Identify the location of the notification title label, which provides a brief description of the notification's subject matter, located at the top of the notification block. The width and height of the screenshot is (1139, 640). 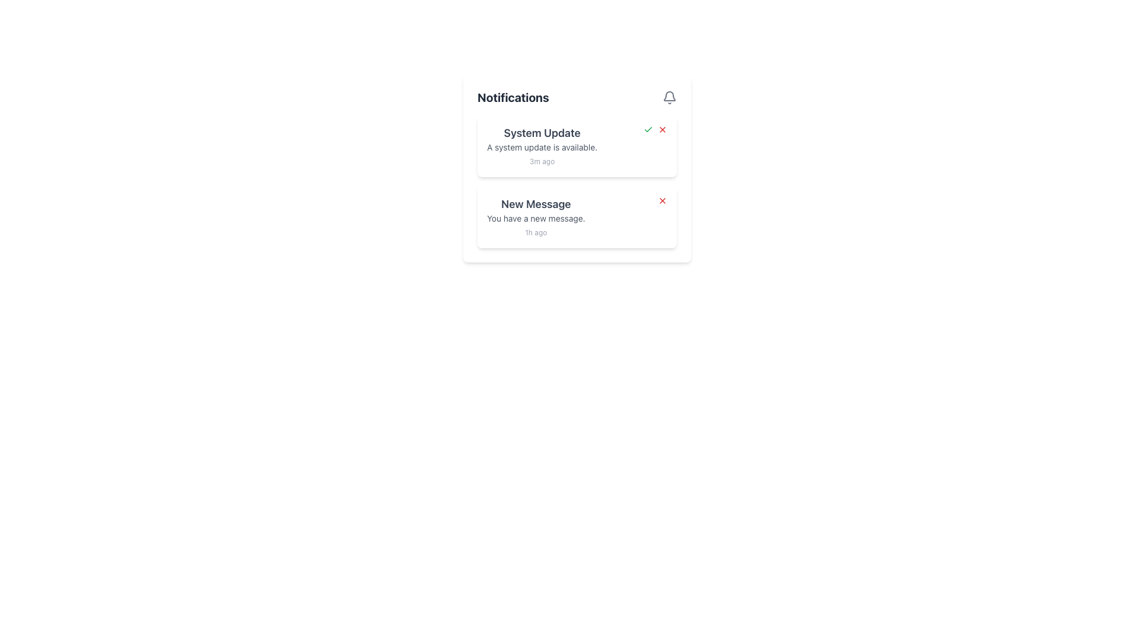
(542, 133).